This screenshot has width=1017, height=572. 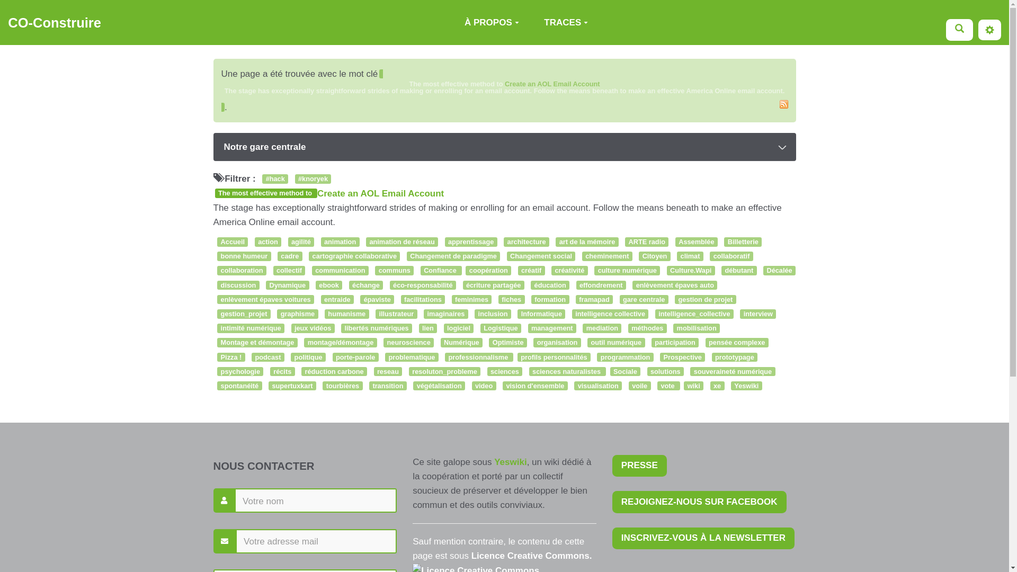 What do you see at coordinates (694, 314) in the screenshot?
I see `'intelligence_collective'` at bounding box center [694, 314].